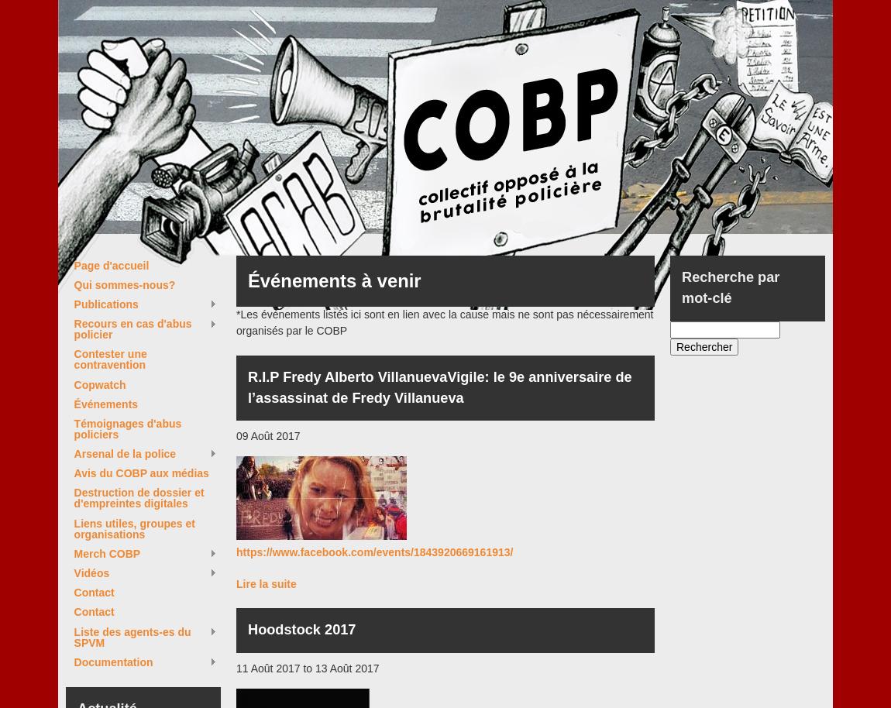 This screenshot has width=891, height=708. What do you see at coordinates (266, 583) in the screenshot?
I see `'Lire la suite'` at bounding box center [266, 583].